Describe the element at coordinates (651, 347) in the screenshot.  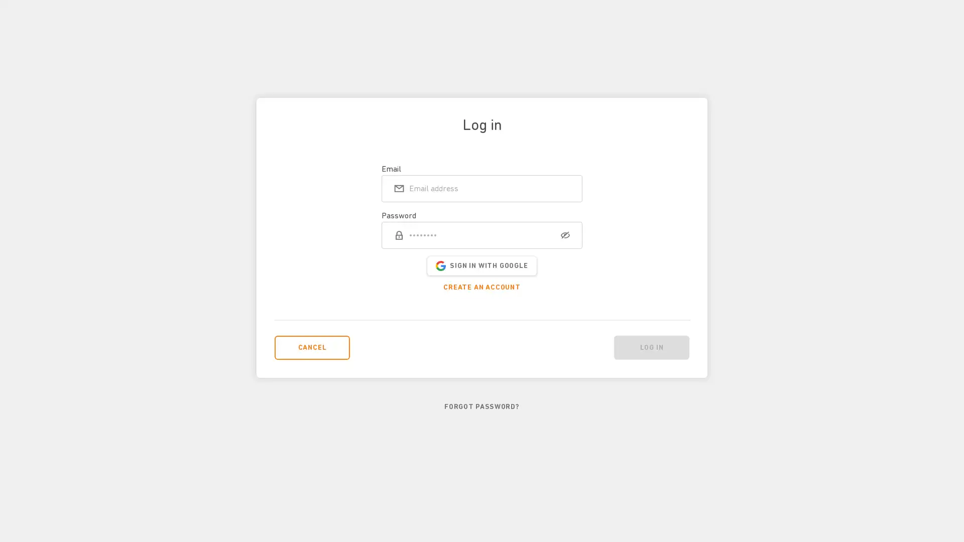
I see `Log in` at that location.